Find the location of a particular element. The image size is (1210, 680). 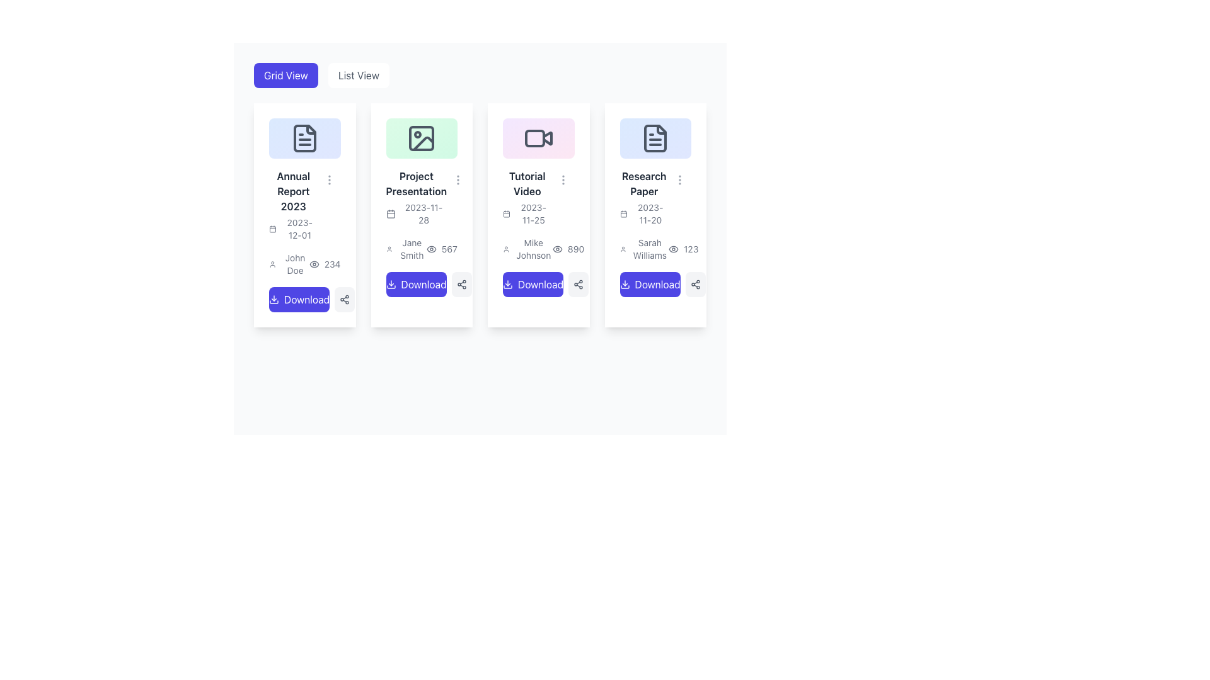

the icon representing the 'Annual Report 2023' document located at the top of the first card in the blue-shaded rectangular area is located at coordinates (304, 138).